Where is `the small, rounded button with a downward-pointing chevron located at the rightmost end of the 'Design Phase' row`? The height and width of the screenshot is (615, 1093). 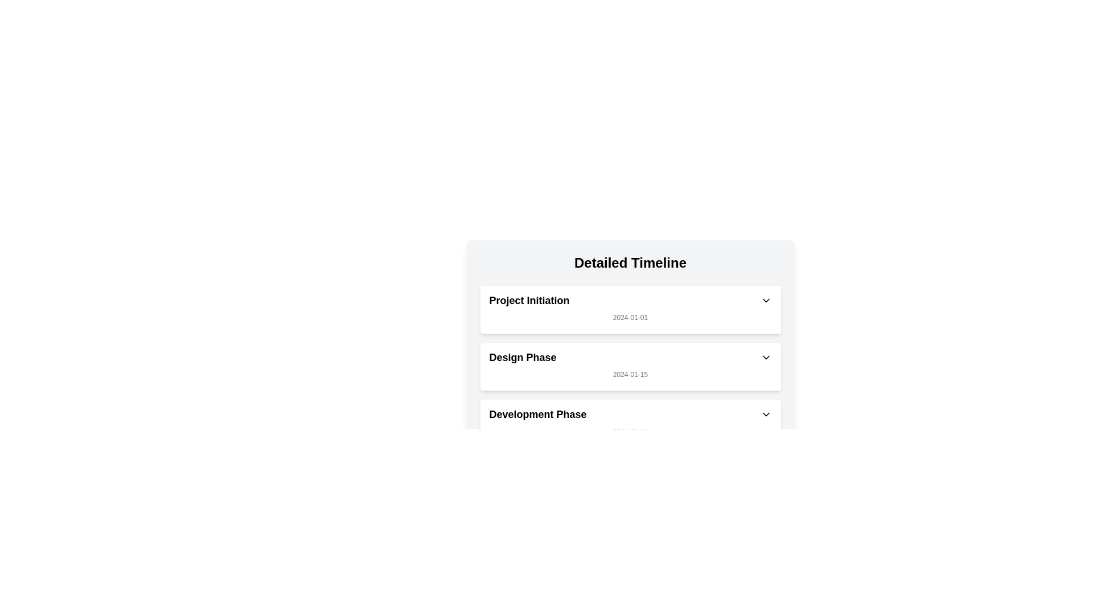
the small, rounded button with a downward-pointing chevron located at the rightmost end of the 'Design Phase' row is located at coordinates (766, 357).